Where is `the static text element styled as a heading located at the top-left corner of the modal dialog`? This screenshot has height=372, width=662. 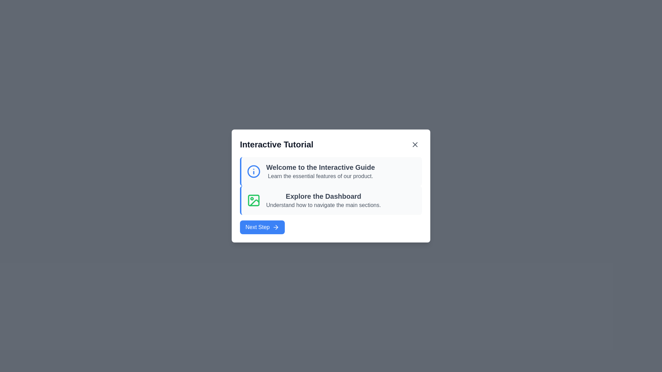 the static text element styled as a heading located at the top-left corner of the modal dialog is located at coordinates (277, 144).